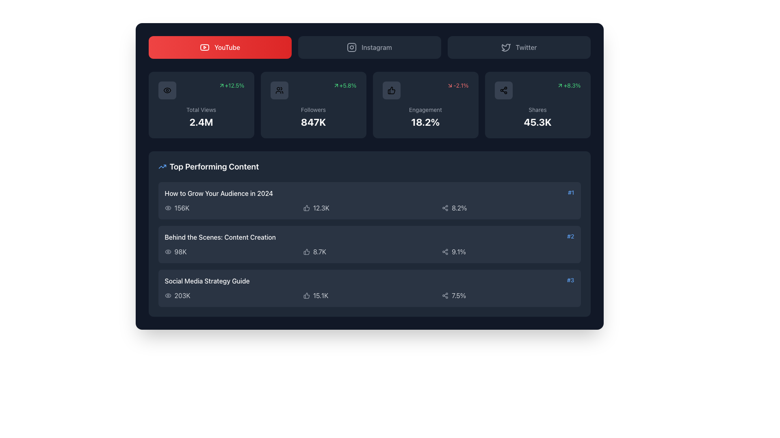 This screenshot has width=780, height=438. Describe the element at coordinates (167, 251) in the screenshot. I see `the views icon located to the left of the text '98K' in the 'Top Performing Content' section, which visually represents the concept of 'views'` at that location.